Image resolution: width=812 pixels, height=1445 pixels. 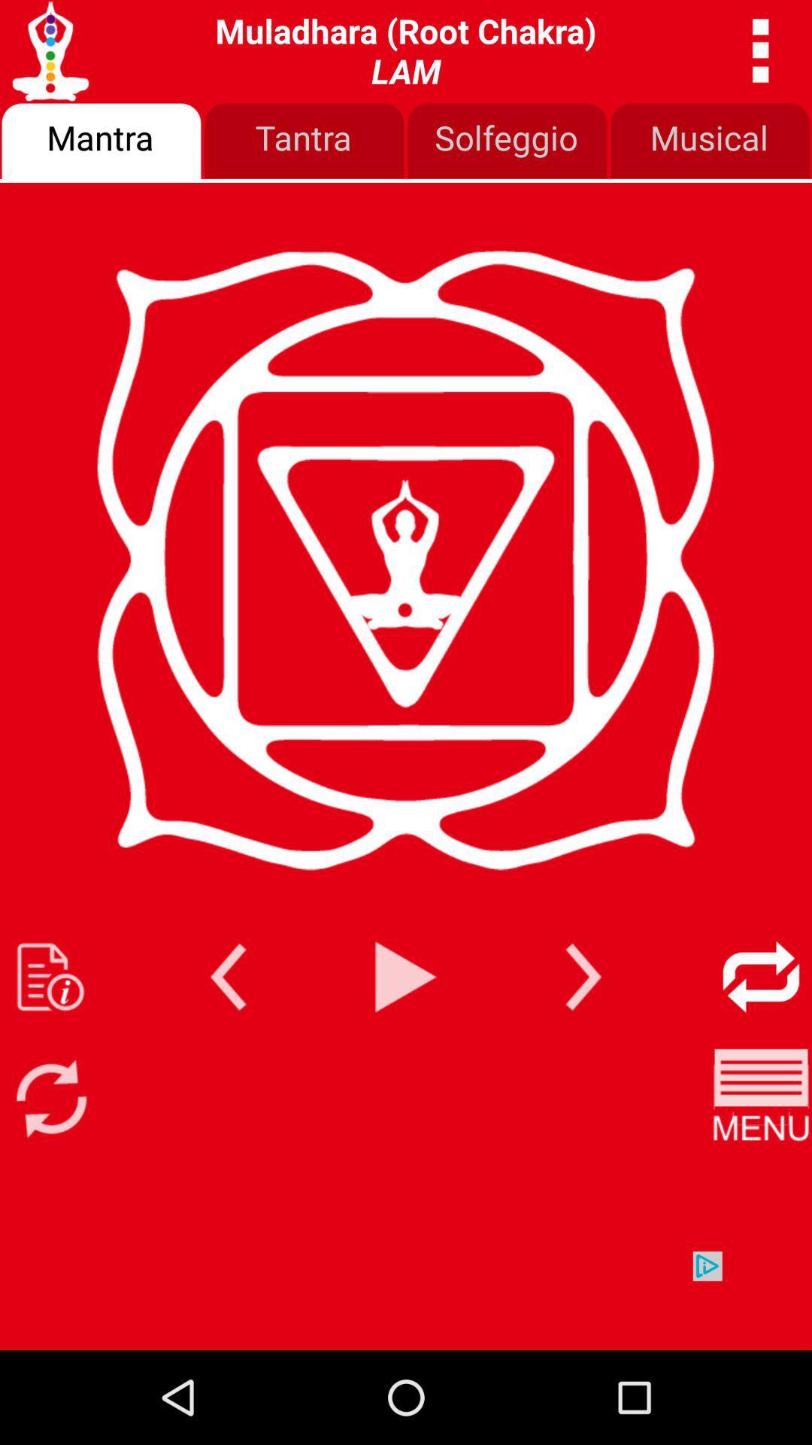 I want to click on the description icon, so click(x=50, y=1045).